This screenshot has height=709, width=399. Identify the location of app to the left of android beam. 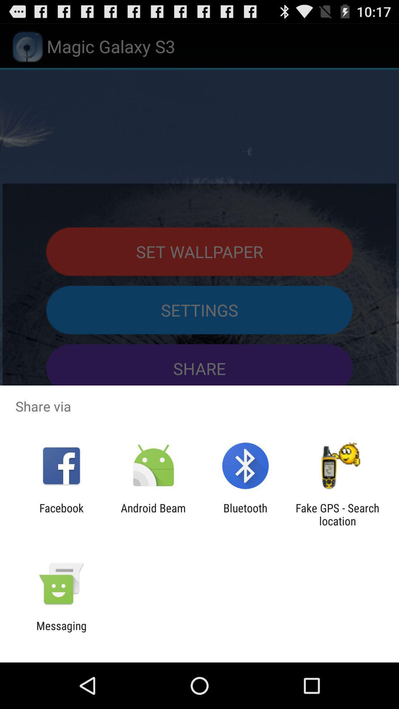
(61, 514).